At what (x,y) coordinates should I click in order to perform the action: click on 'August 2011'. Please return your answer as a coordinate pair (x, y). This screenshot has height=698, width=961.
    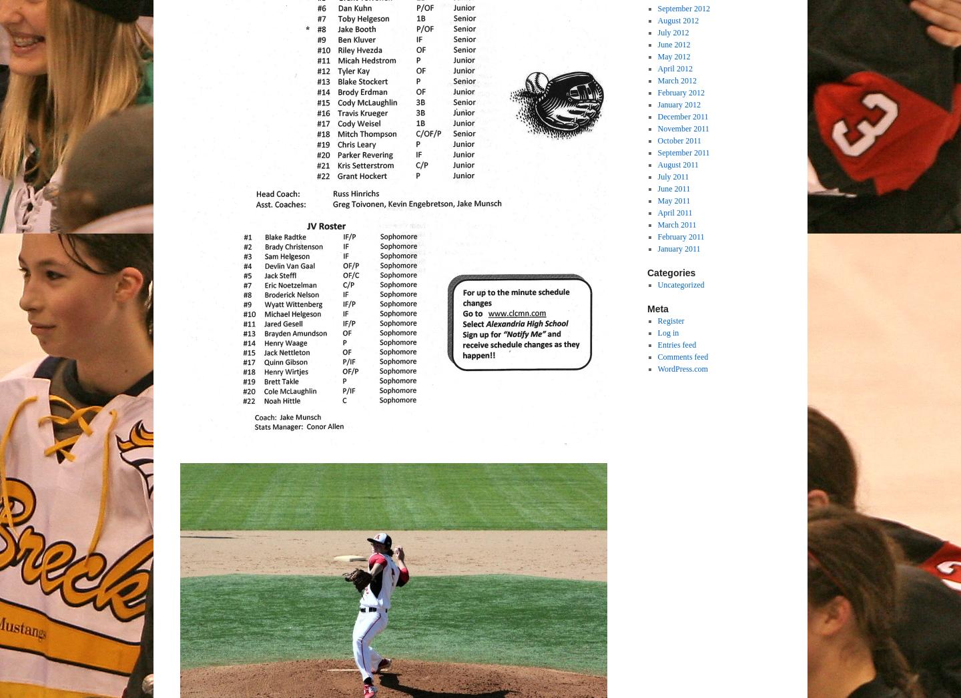
    Looking at the image, I should click on (656, 163).